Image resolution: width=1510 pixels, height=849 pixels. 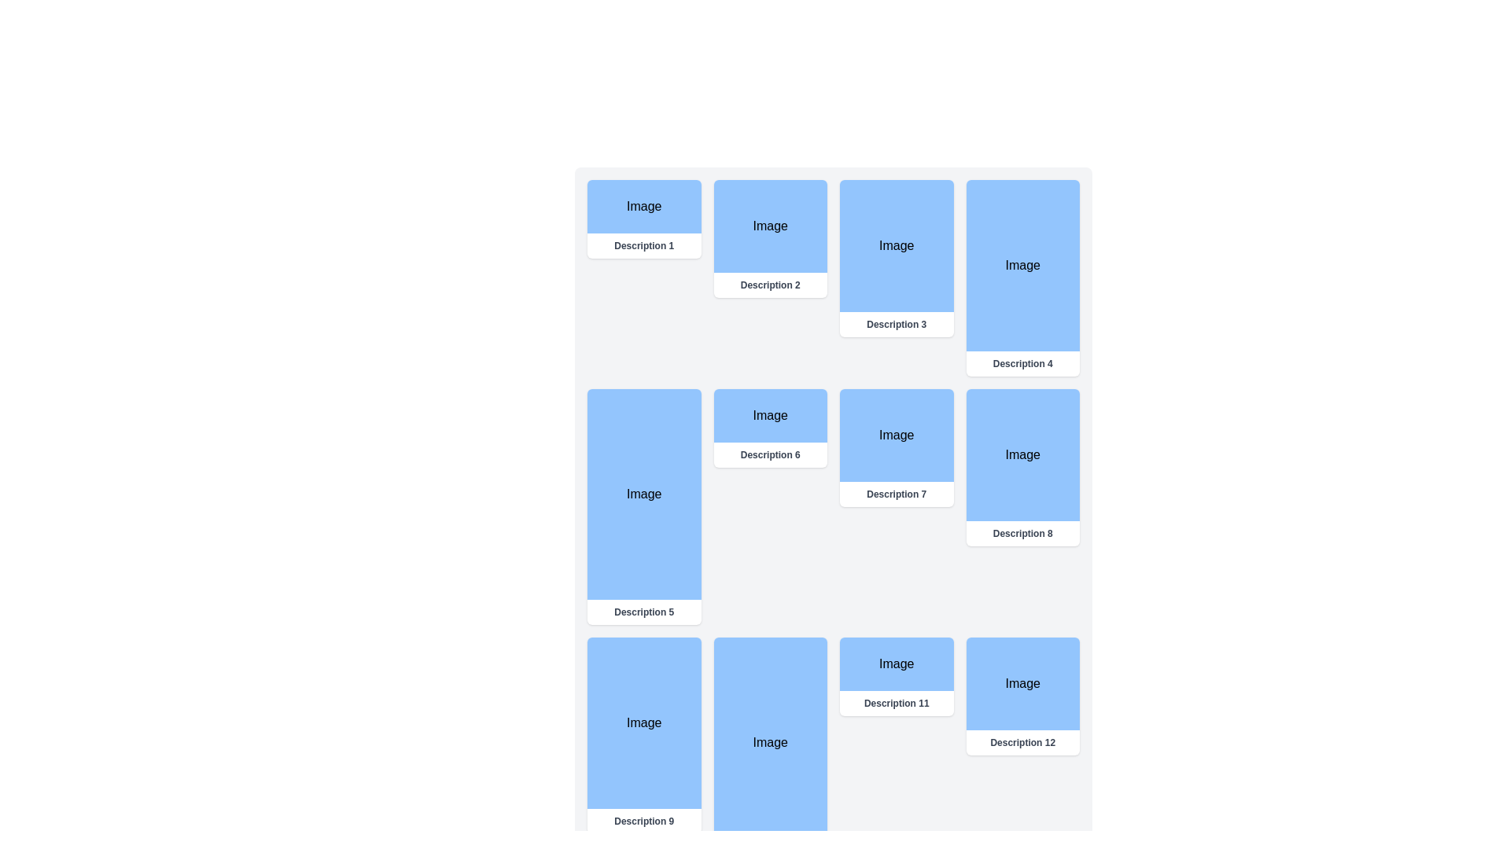 What do you see at coordinates (897, 448) in the screenshot?
I see `the content of the Content block located in the third row and second column of a four-column grid layout, which features a light blue upper section labeled 'Image' and a white lower section with the text 'Description 7'` at bounding box center [897, 448].